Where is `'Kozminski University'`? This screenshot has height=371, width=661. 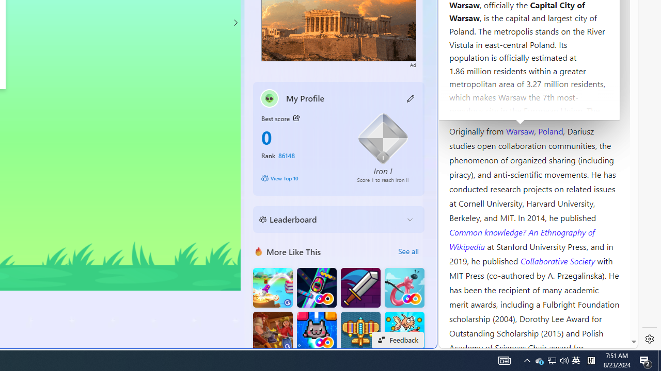 'Kozminski University' is located at coordinates (534, 70).